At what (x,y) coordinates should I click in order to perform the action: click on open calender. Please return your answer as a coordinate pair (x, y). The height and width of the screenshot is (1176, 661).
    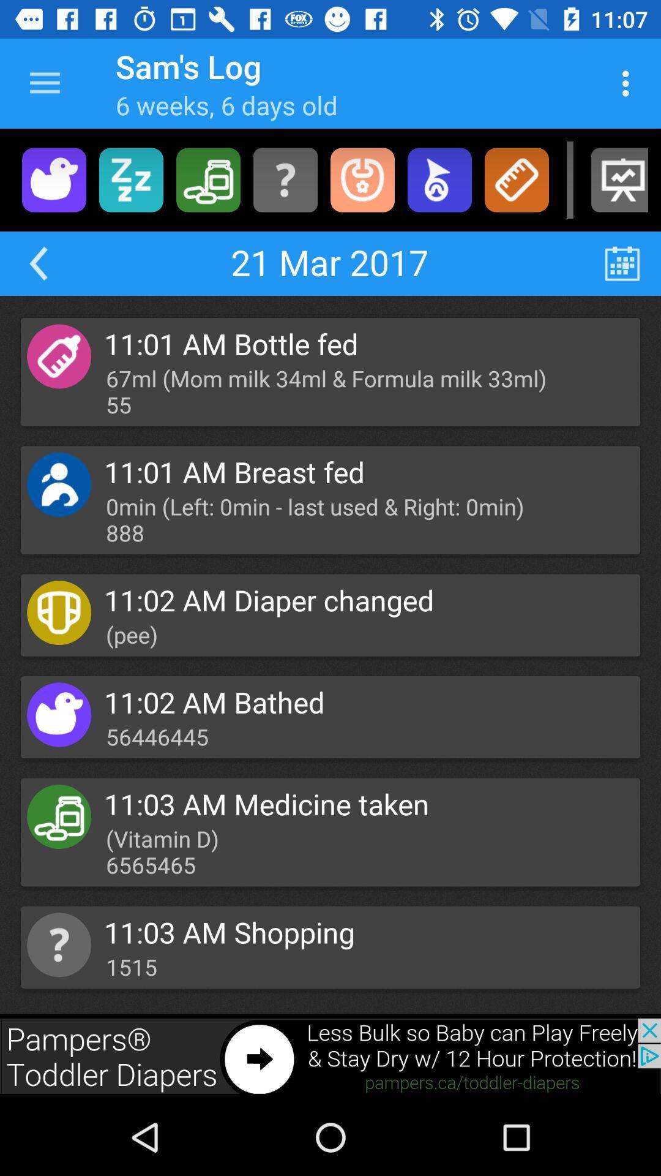
    Looking at the image, I should click on (622, 263).